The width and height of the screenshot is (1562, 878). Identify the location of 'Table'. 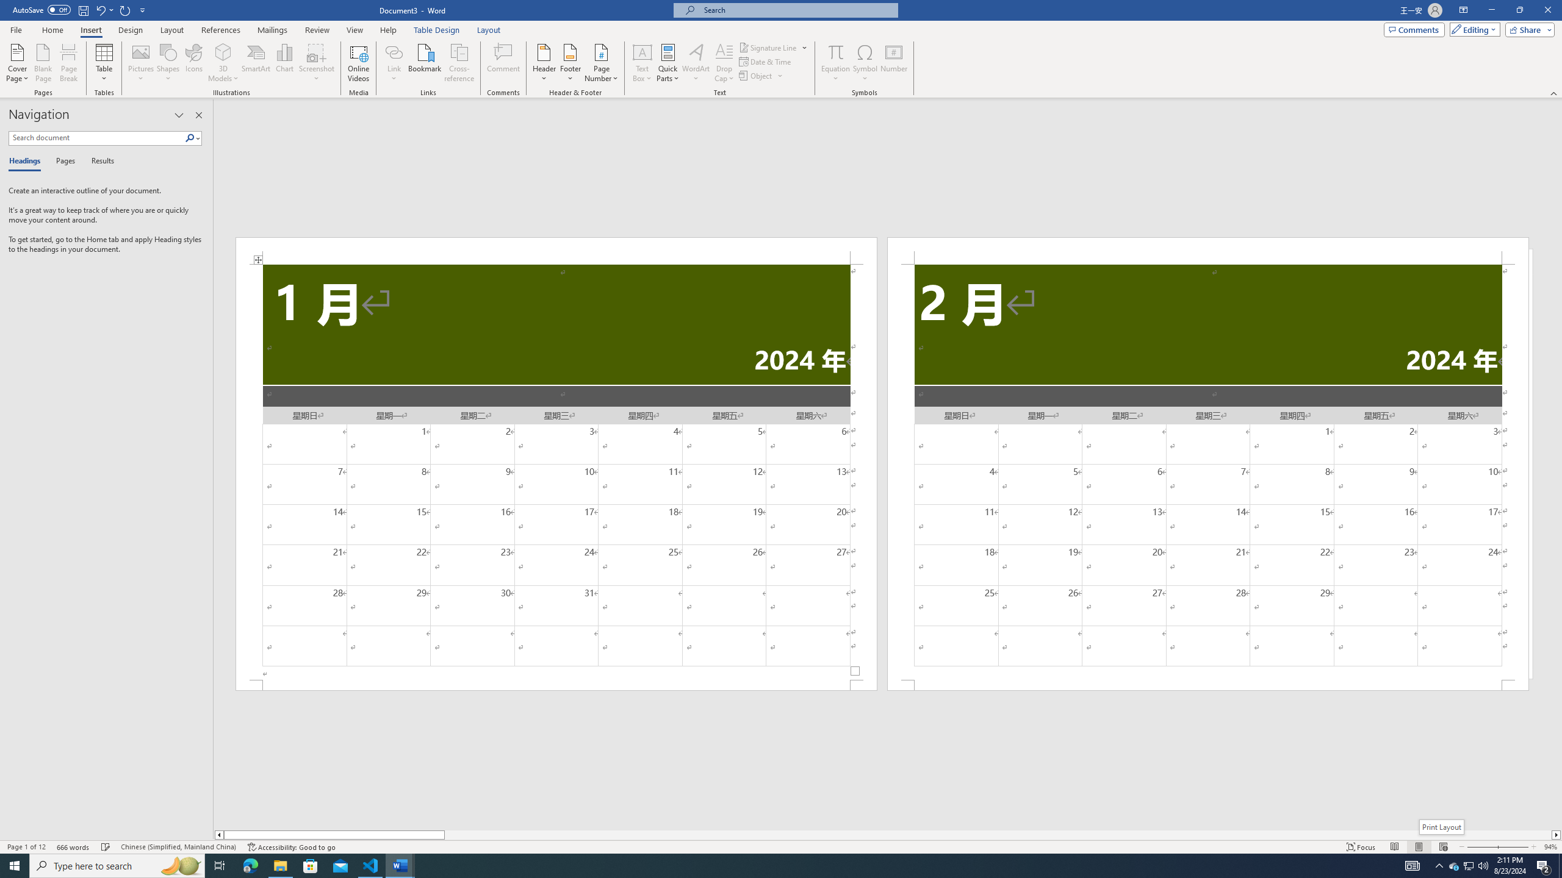
(104, 63).